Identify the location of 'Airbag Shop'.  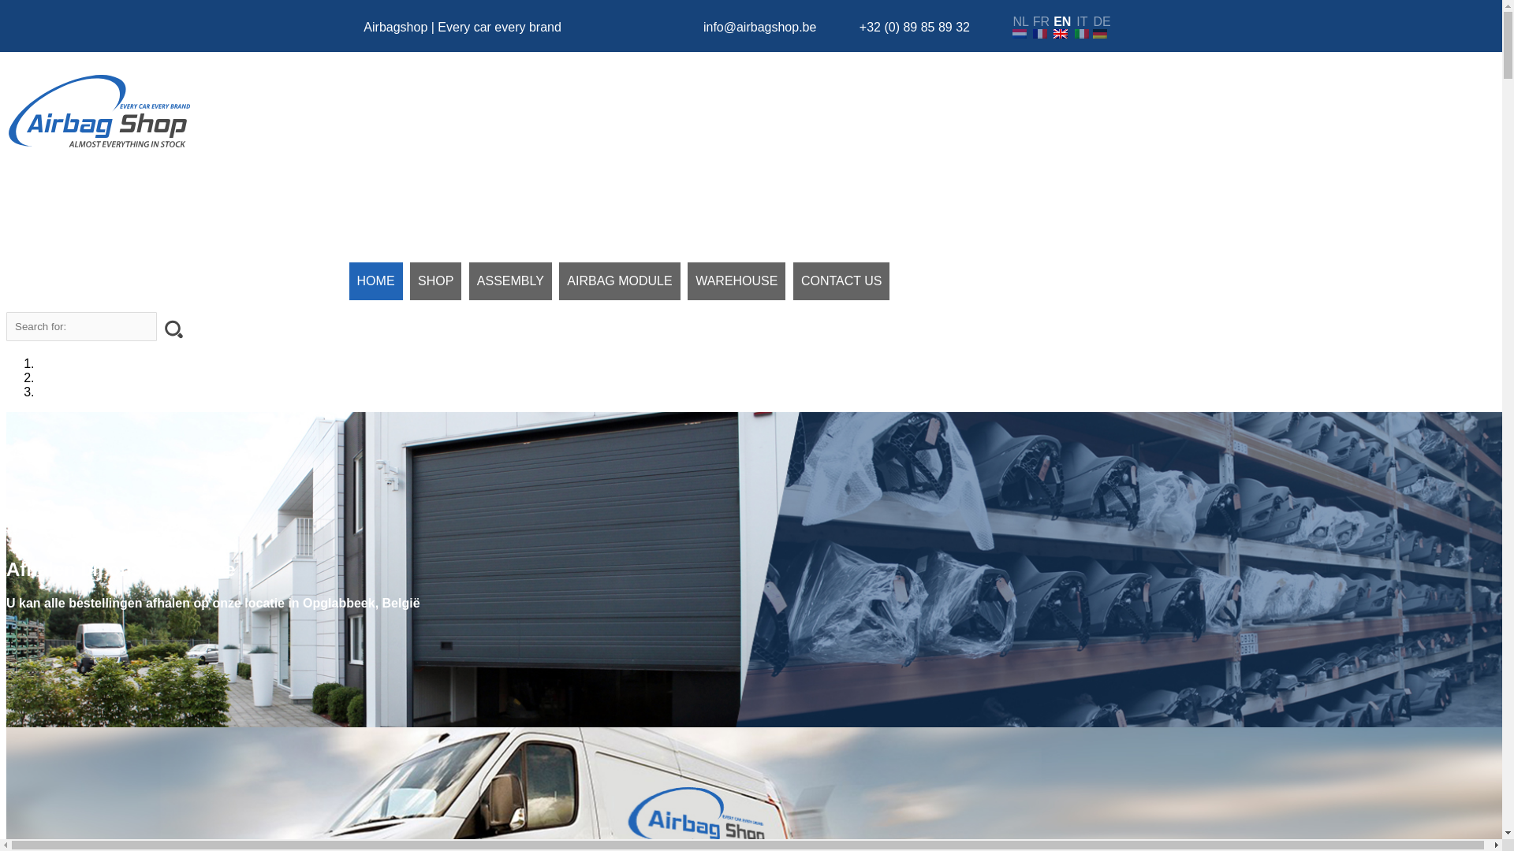
(6, 110).